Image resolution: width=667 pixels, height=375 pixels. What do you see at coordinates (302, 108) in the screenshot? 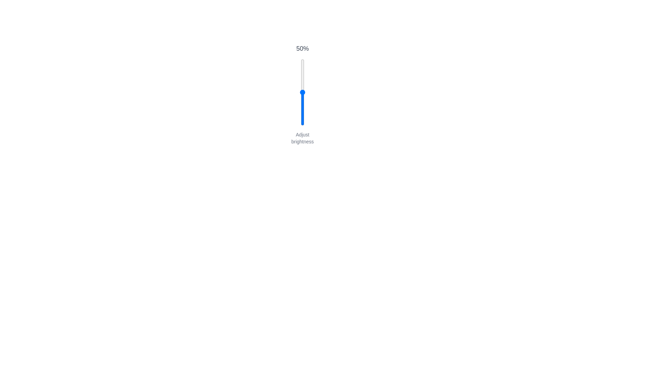
I see `brightness` at bounding box center [302, 108].